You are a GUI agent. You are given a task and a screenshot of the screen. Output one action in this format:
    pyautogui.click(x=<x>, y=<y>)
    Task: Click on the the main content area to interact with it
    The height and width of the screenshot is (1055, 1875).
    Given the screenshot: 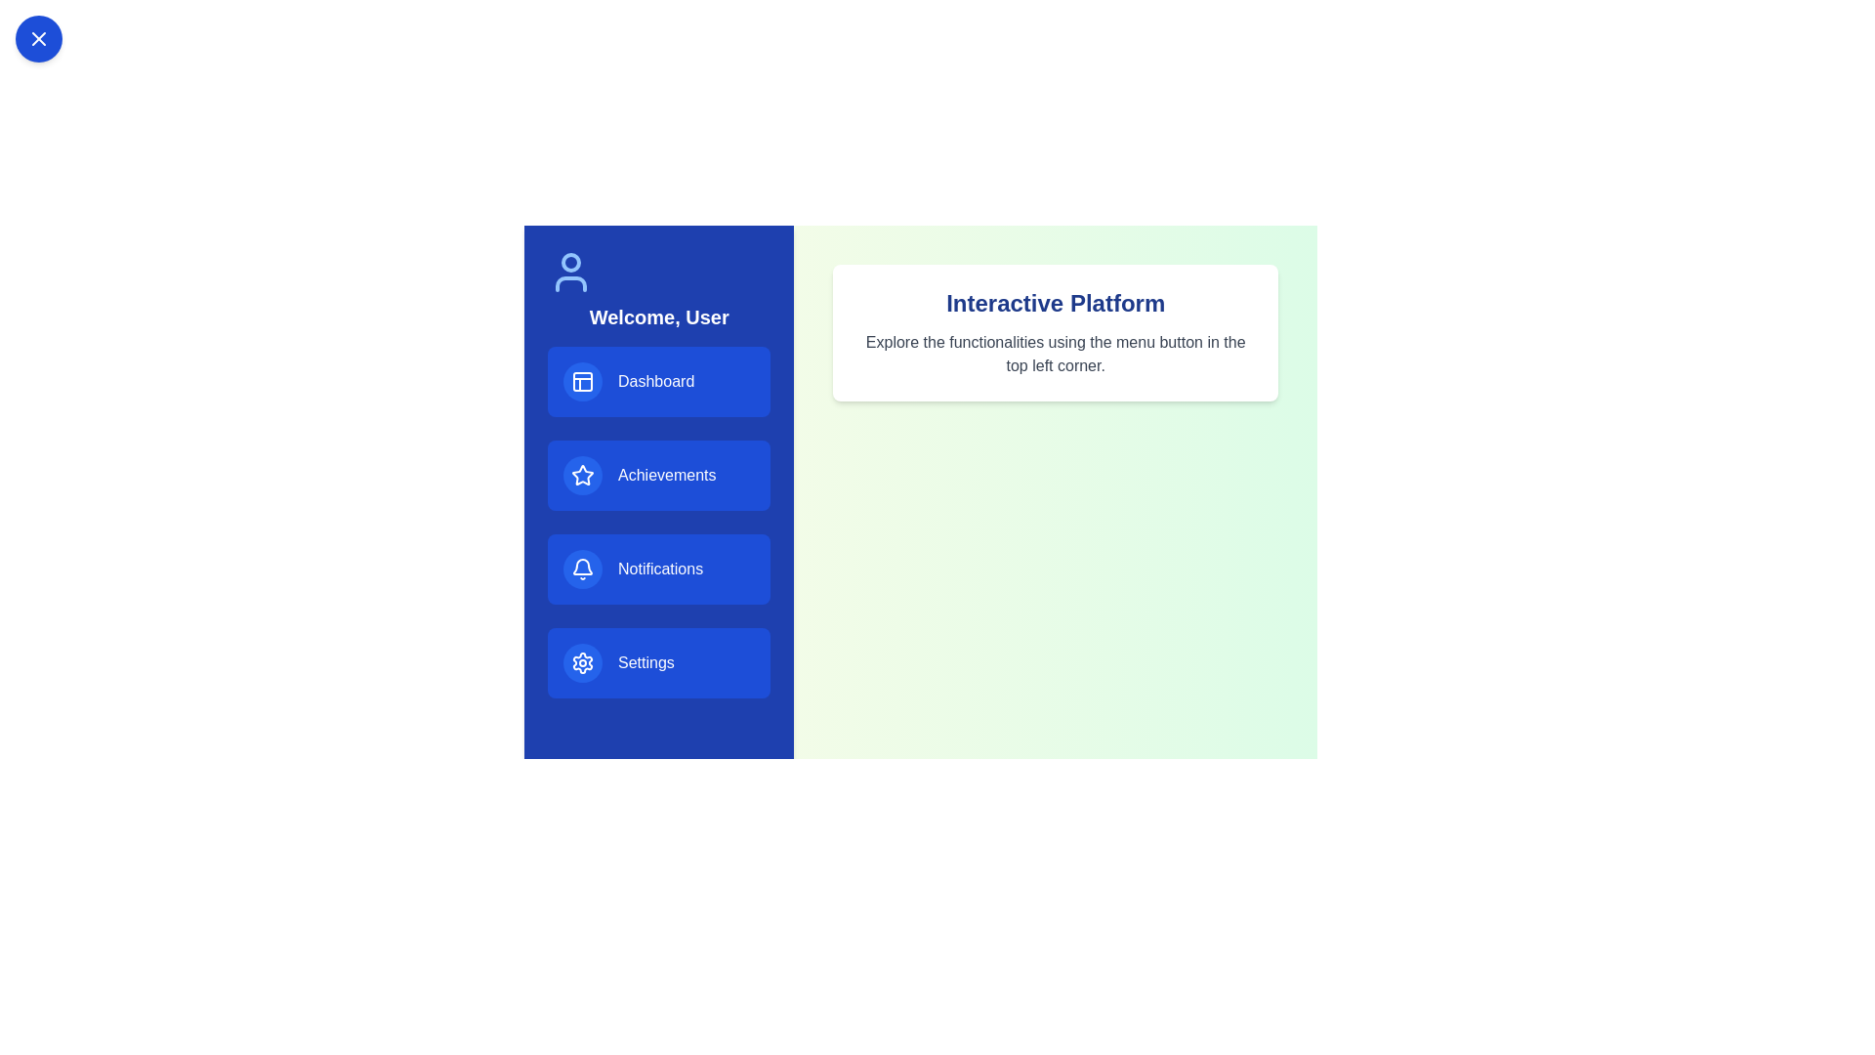 What is the action you would take?
    pyautogui.click(x=1054, y=331)
    